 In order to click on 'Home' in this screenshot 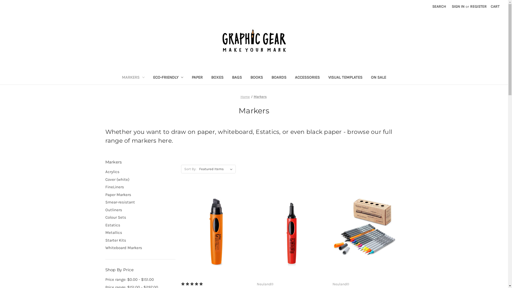, I will do `click(245, 97)`.